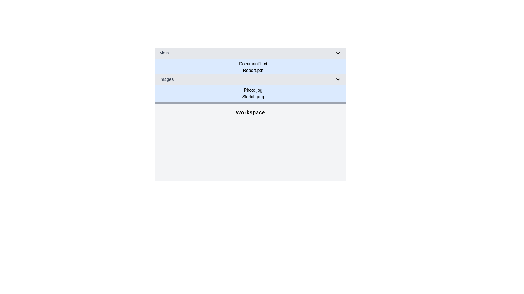 This screenshot has width=524, height=294. Describe the element at coordinates (253, 64) in the screenshot. I see `the text label representing the file 'Document1.txt', which is the top item` at that location.